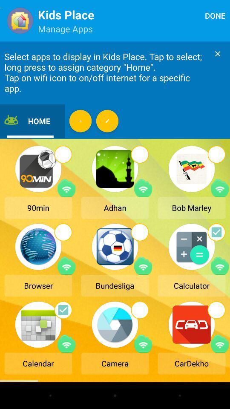  I want to click on switch internet on/off for browser app, so click(66, 265).